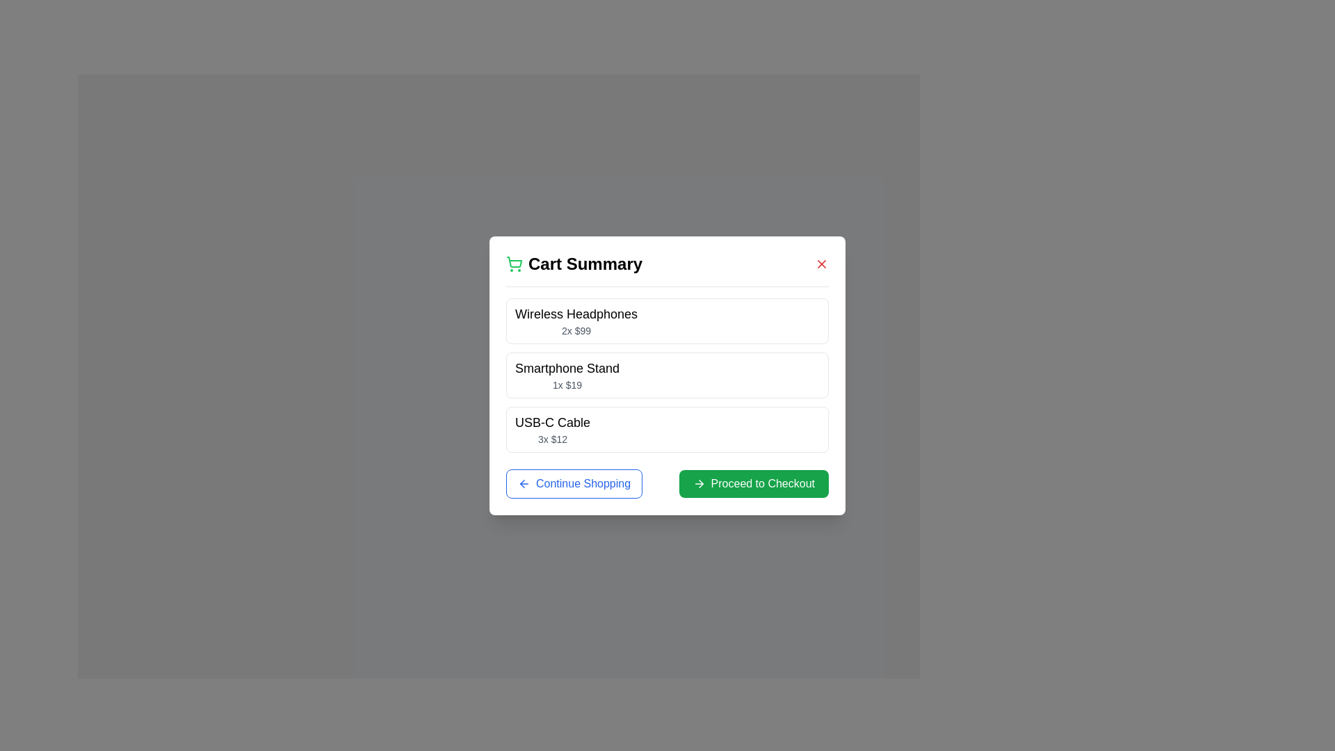 The image size is (1335, 751). What do you see at coordinates (574, 264) in the screenshot?
I see `the 'Cart Summary' text heading with the shopping cart icon, which is a bold, large font element located at the top-left corner of the content area` at bounding box center [574, 264].